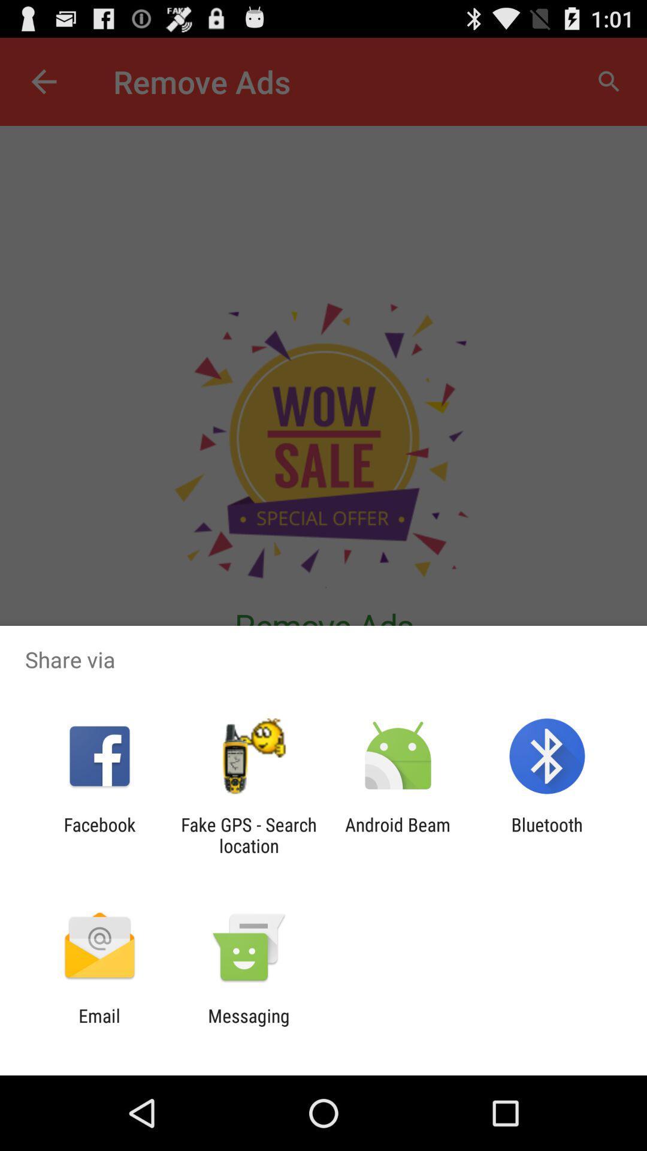  What do you see at coordinates (99, 1026) in the screenshot?
I see `app next to the messaging app` at bounding box center [99, 1026].